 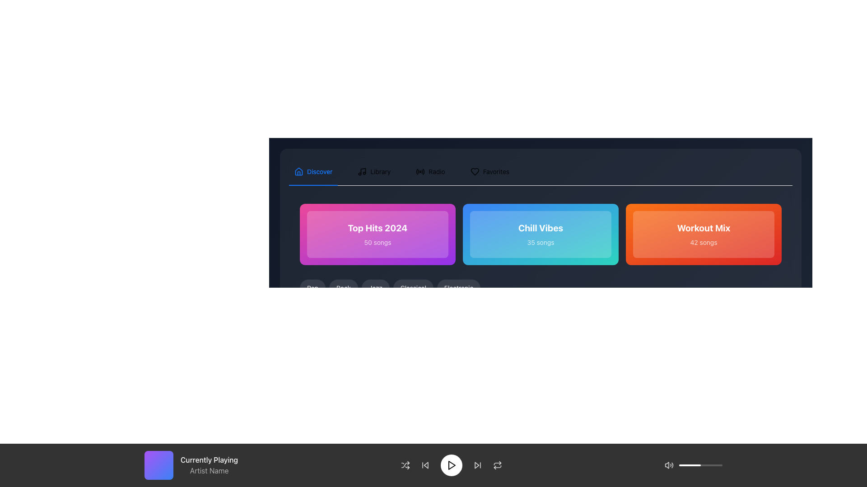 I want to click on the static text label displaying '35 songs', which is slightly translucent and positioned beneath the bold text 'Chill Vibes' within a gradient background card, so click(x=541, y=242).